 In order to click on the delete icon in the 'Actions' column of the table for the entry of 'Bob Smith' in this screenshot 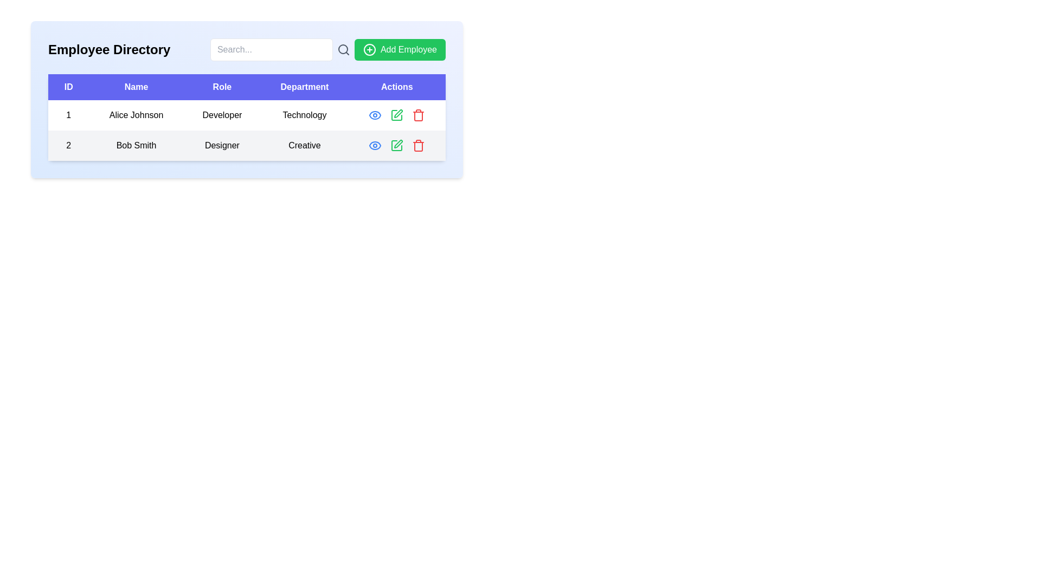, I will do `click(418, 145)`.